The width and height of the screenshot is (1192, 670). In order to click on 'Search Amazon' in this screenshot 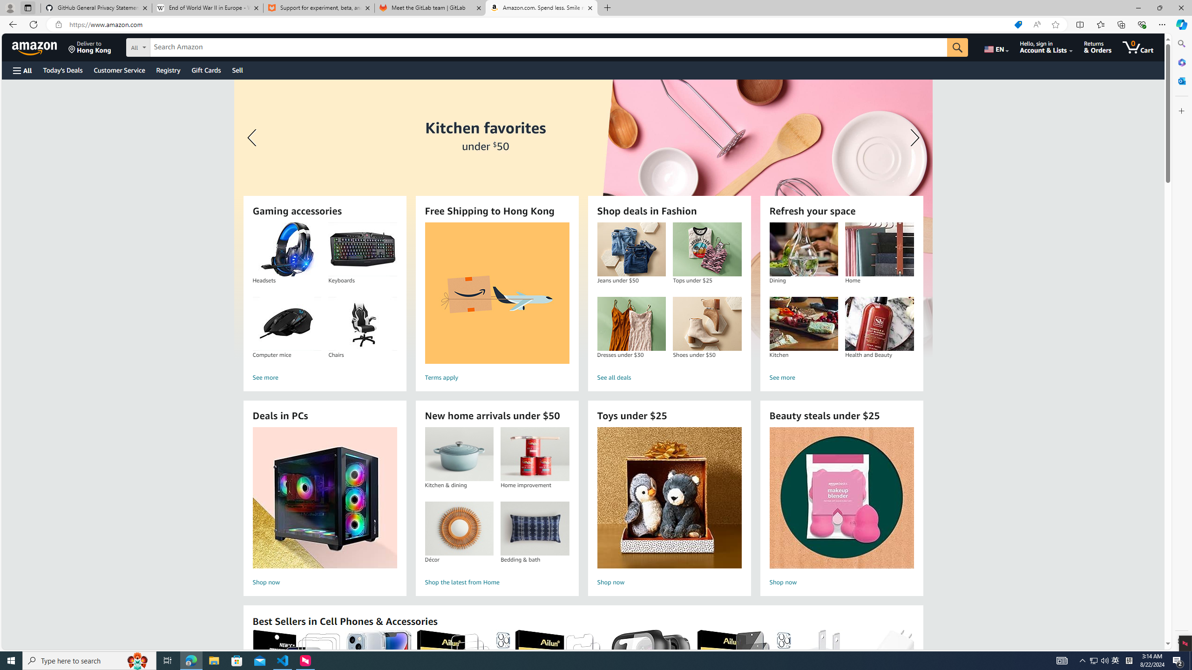, I will do `click(549, 47)`.